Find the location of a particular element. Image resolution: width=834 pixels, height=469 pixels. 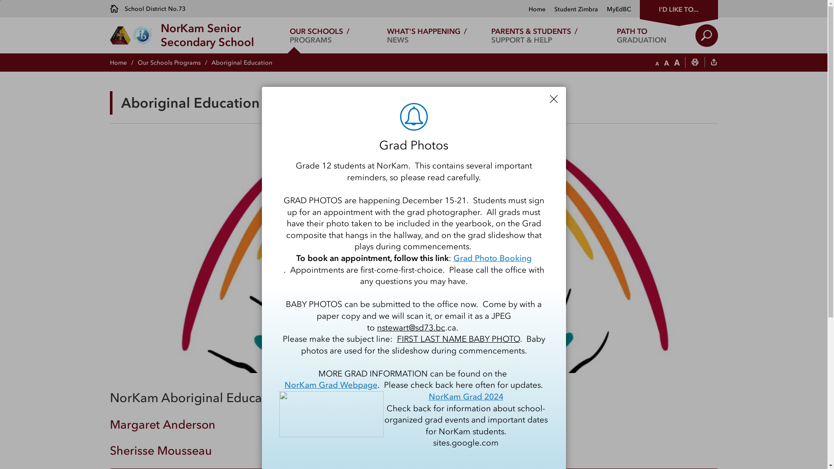

'Close Alert Banner' is located at coordinates (553, 98).